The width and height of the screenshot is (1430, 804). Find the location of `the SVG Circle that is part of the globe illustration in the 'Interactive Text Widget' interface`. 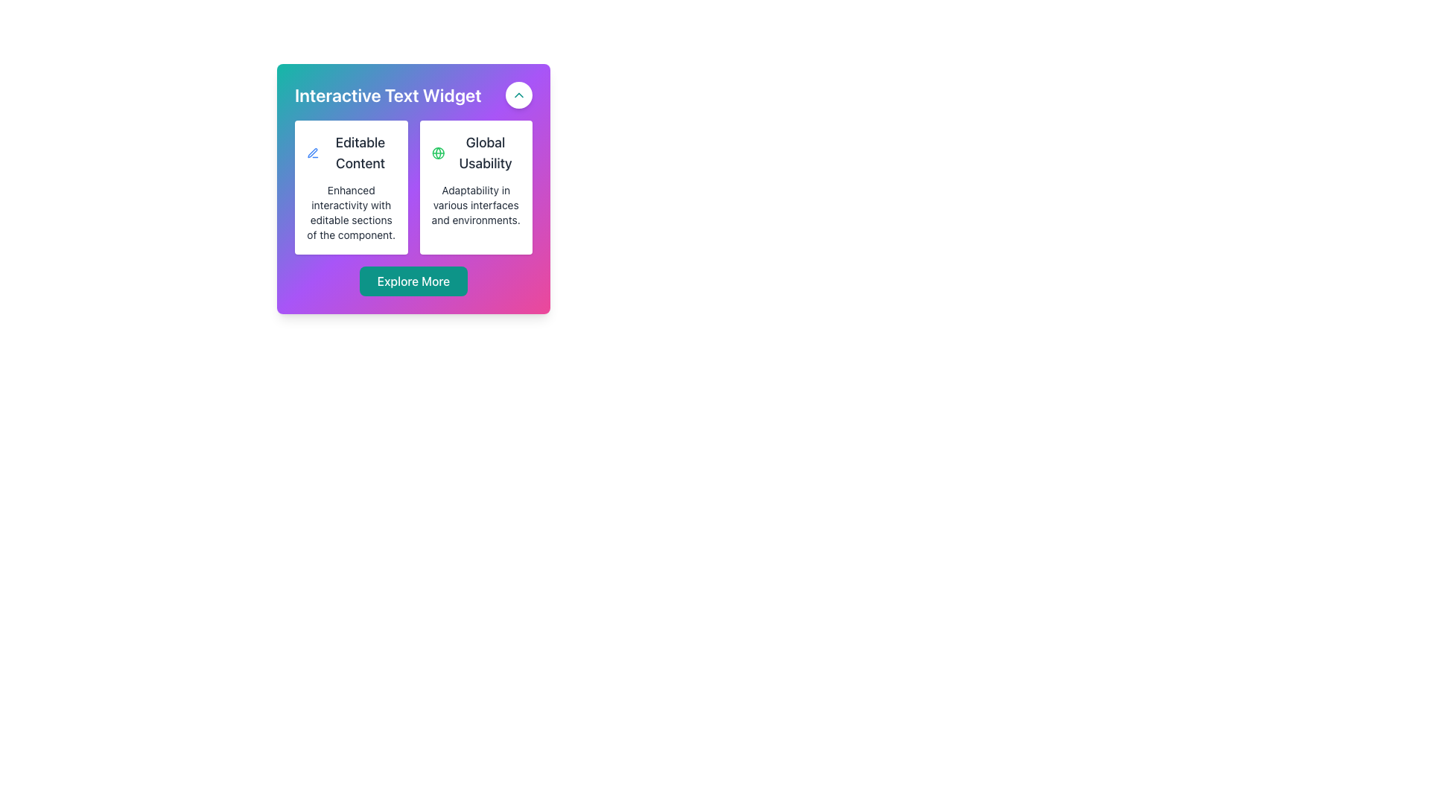

the SVG Circle that is part of the globe illustration in the 'Interactive Text Widget' interface is located at coordinates (437, 153).